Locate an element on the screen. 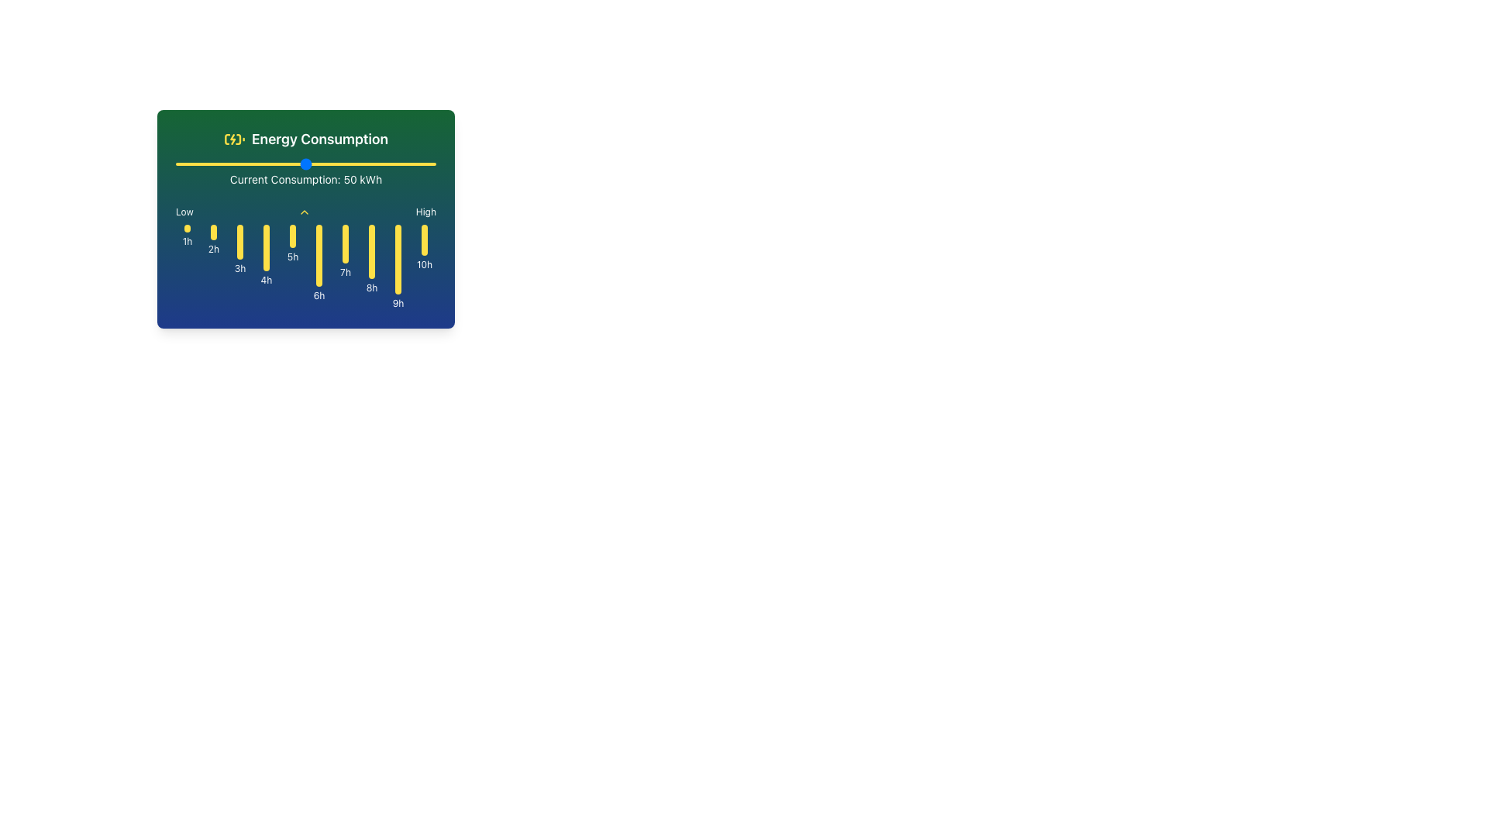 The image size is (1488, 837). current consumption is located at coordinates (251, 164).